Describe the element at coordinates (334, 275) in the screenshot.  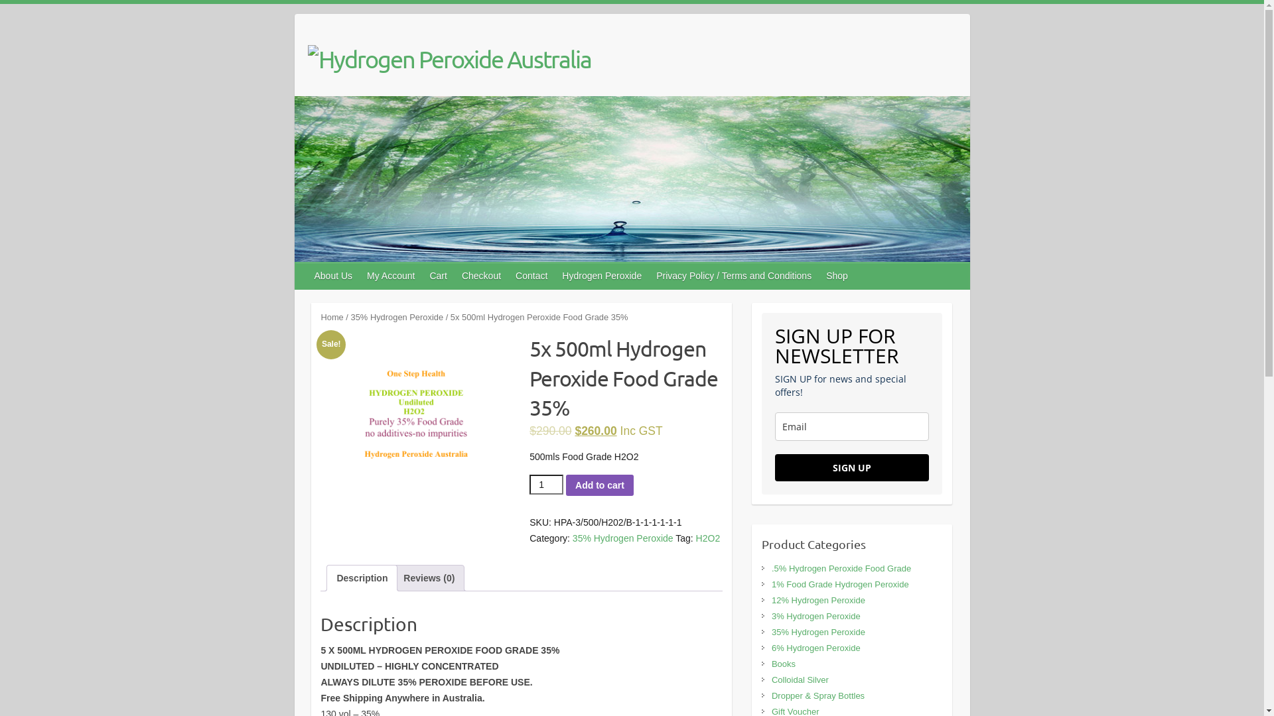
I see `'About Us'` at that location.